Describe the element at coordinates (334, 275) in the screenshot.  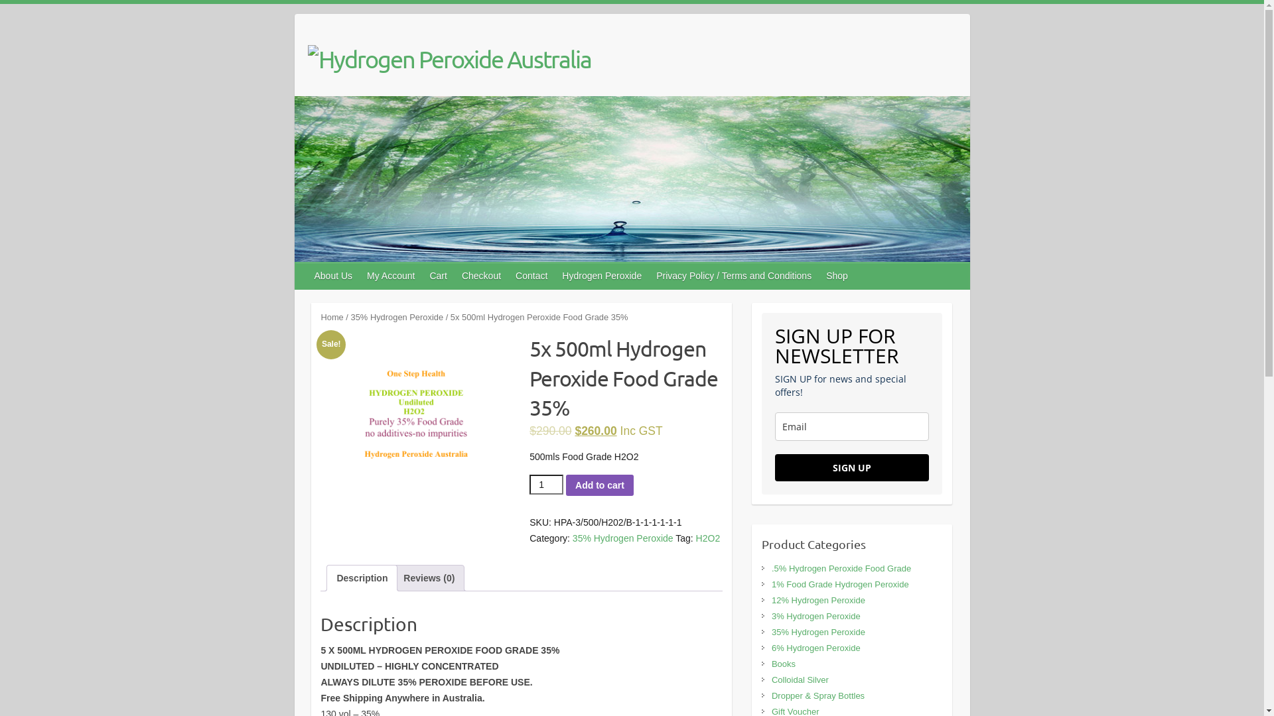
I see `'About Us'` at that location.